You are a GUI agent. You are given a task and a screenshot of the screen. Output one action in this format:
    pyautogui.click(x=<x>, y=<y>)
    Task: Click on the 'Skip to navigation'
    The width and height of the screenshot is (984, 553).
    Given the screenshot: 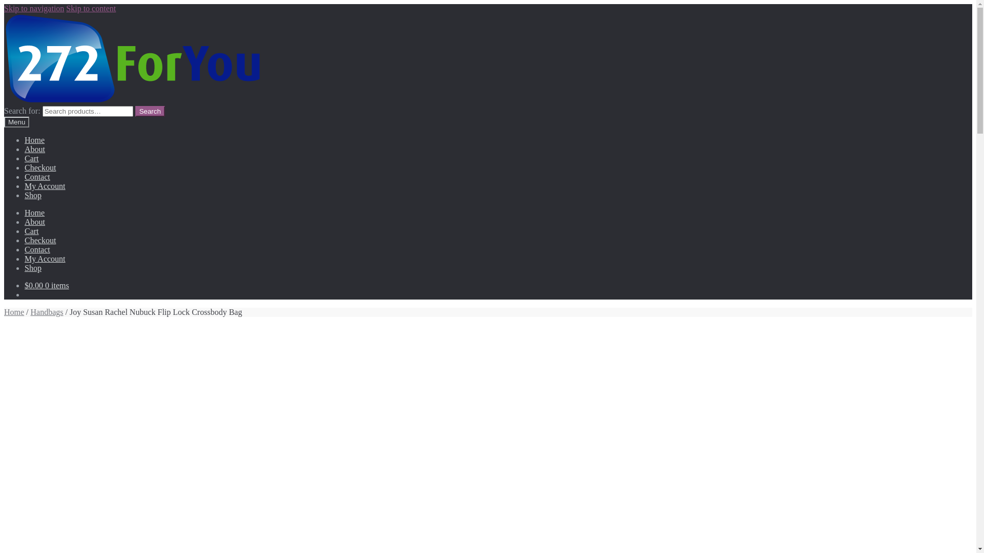 What is the action you would take?
    pyautogui.click(x=34, y=8)
    